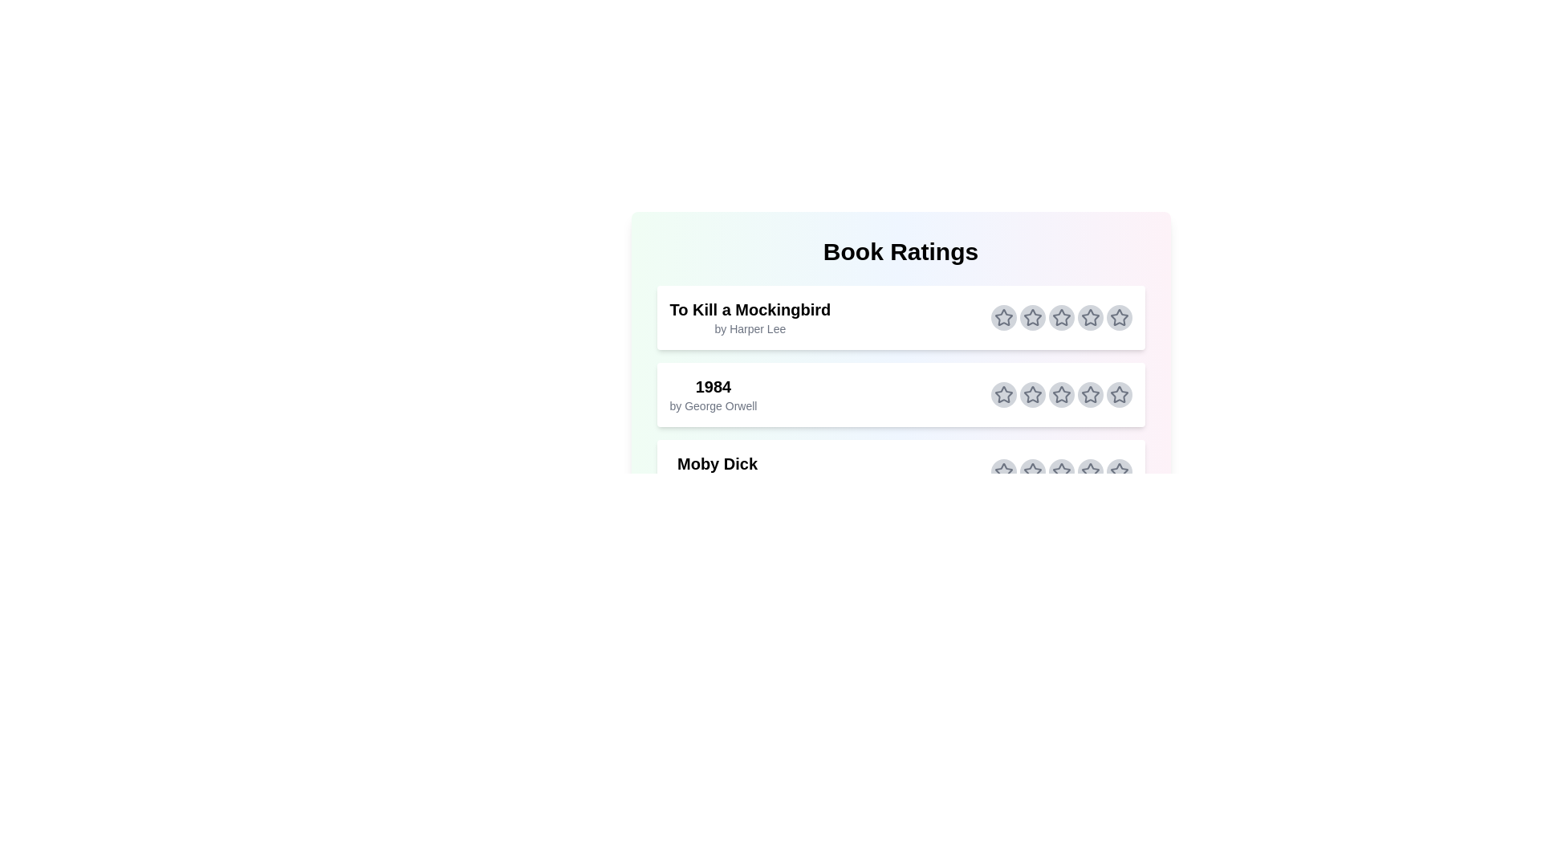 The width and height of the screenshot is (1541, 867). I want to click on the star corresponding to 1 stars for the book titled Moby Dick, so click(1002, 470).